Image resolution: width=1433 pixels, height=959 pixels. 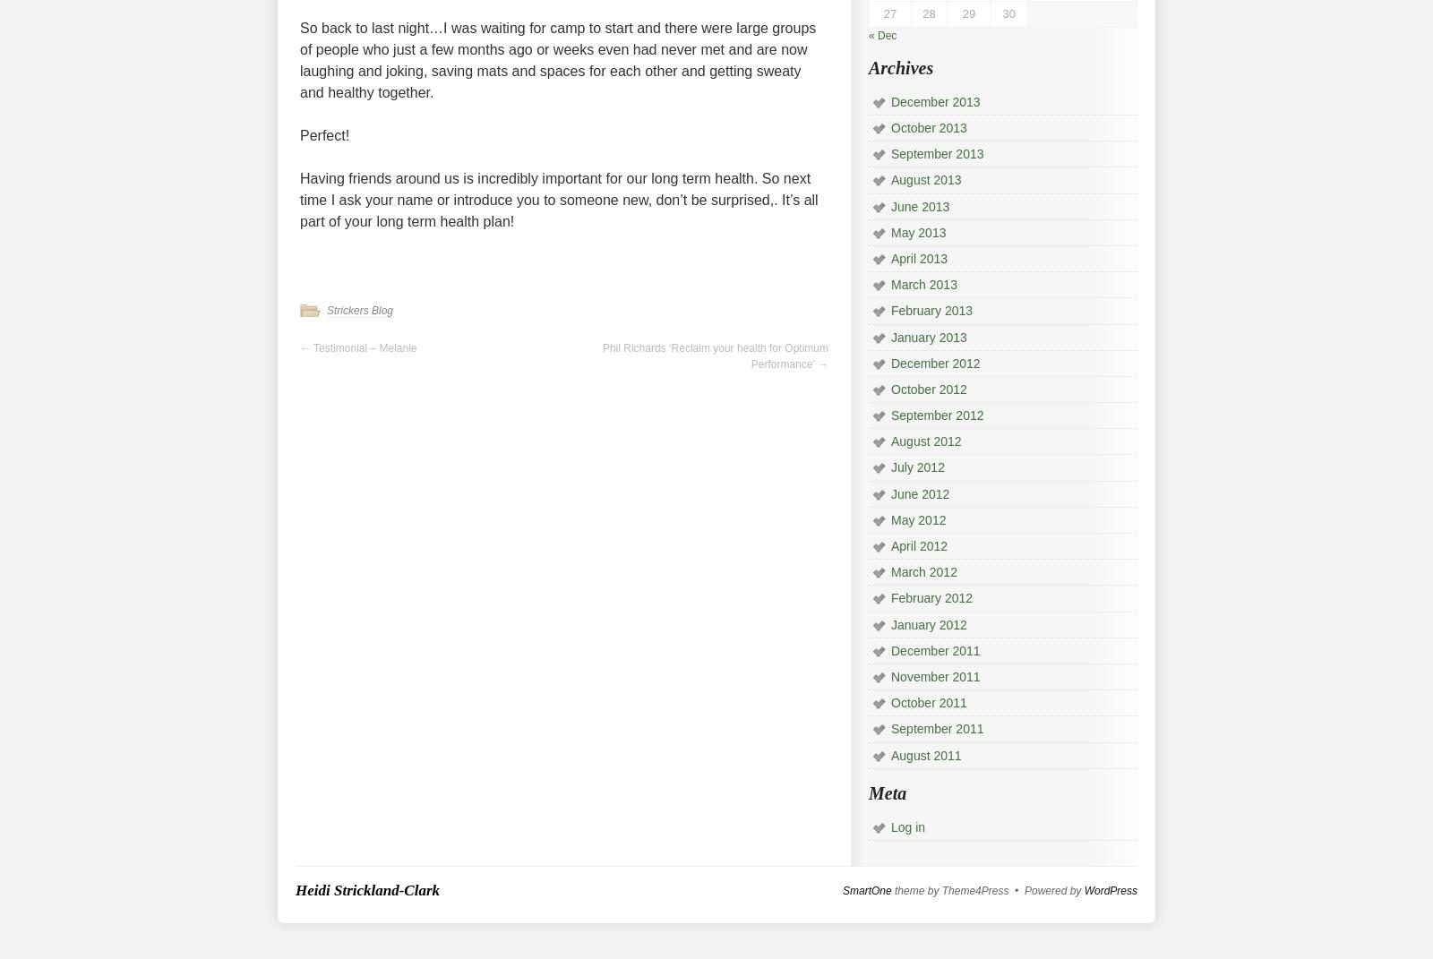 I want to click on 'November 2011', so click(x=935, y=675).